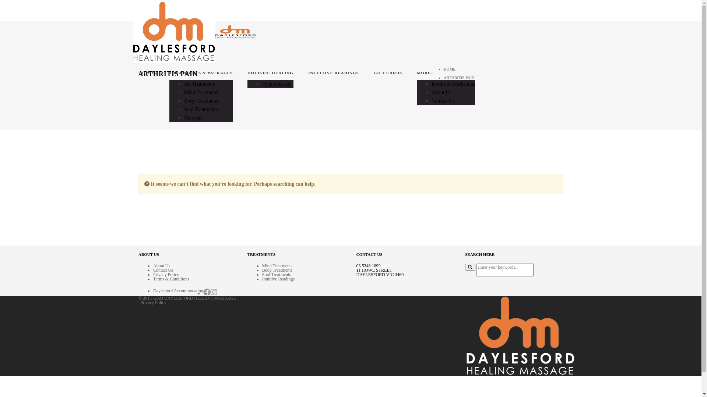 The image size is (707, 397). Describe the element at coordinates (201, 73) in the screenshot. I see `'TREATMENTS & PACKAGES'` at that location.